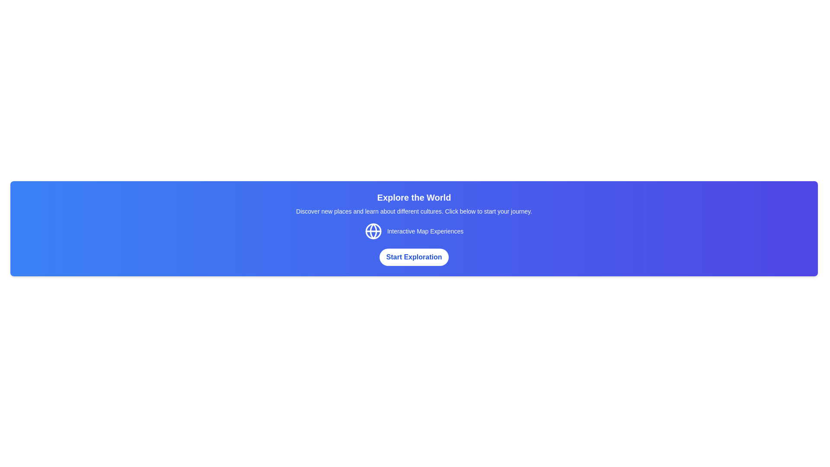 The height and width of the screenshot is (467, 830). What do you see at coordinates (425, 231) in the screenshot?
I see `text label displaying 'Interactive Map Experiences' which is located to the right of the globe icon in a blue section of the UI` at bounding box center [425, 231].